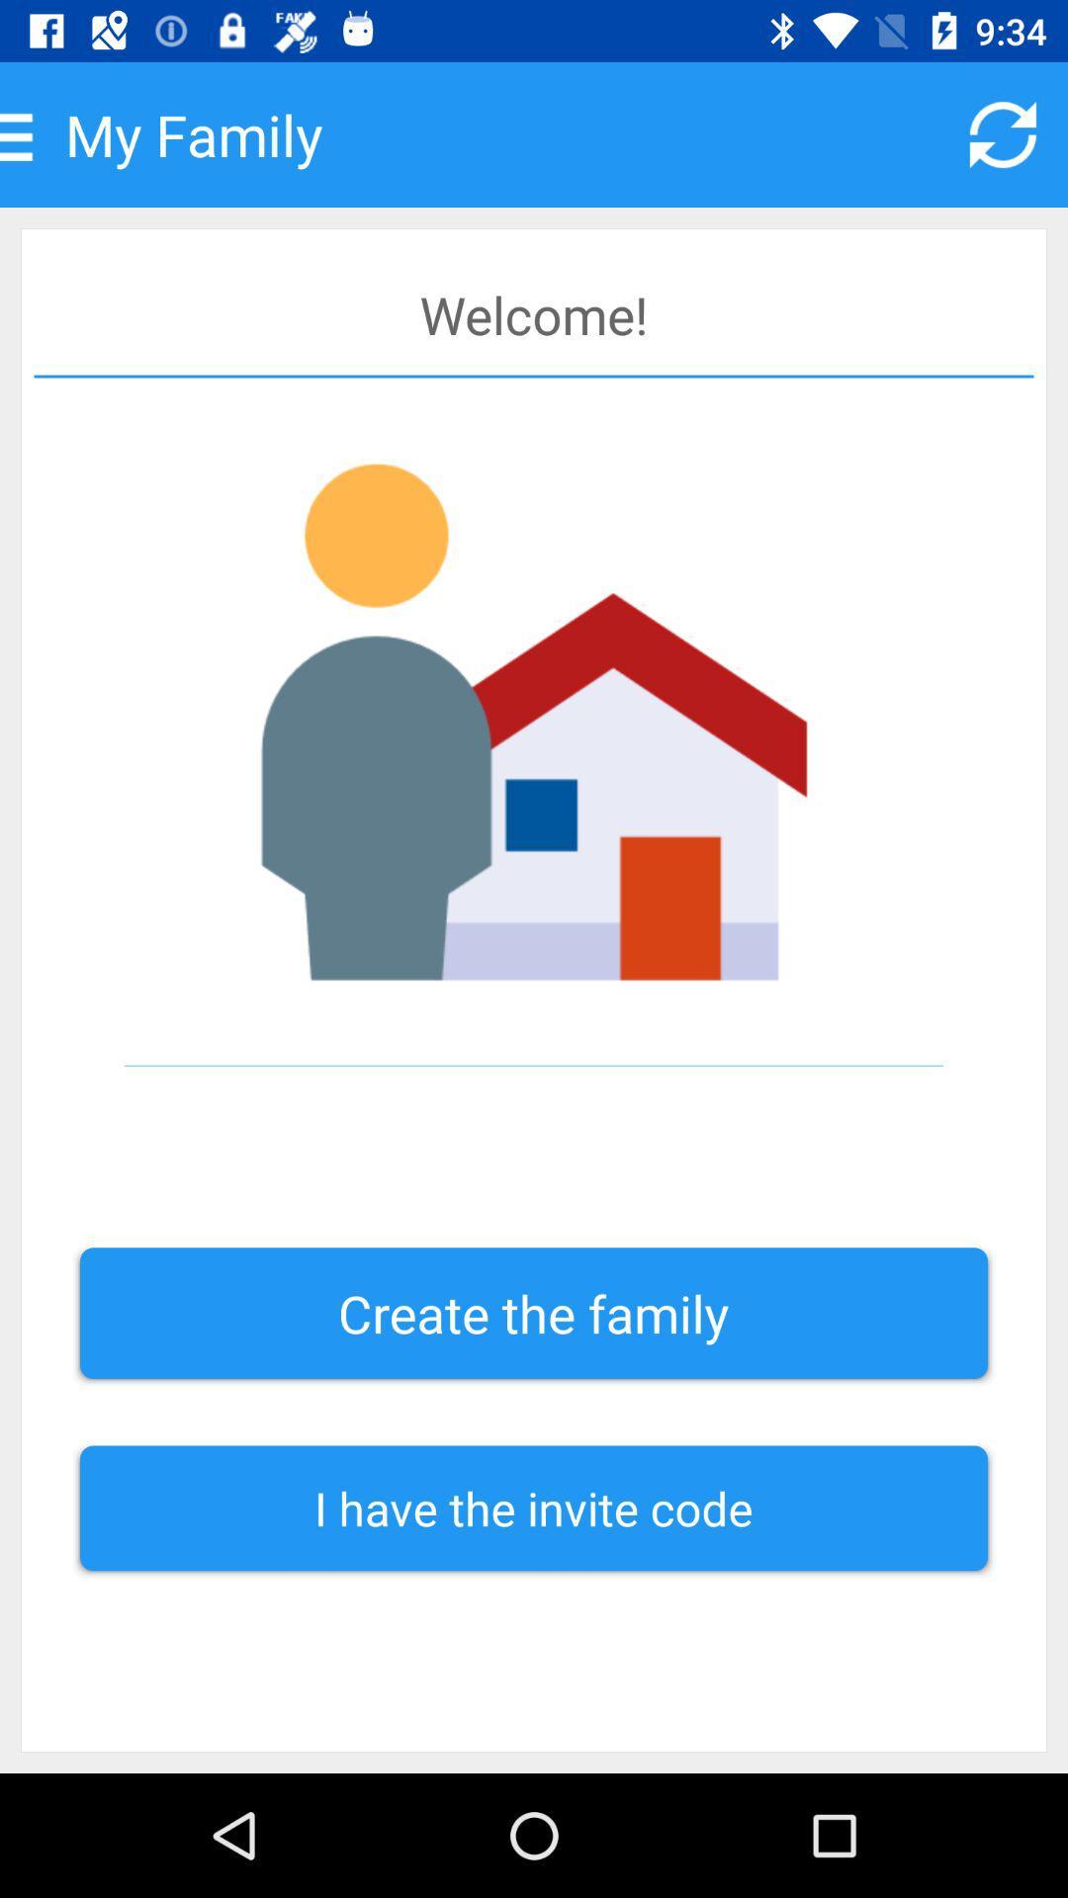 The image size is (1068, 1898). I want to click on refresh option, so click(1003, 133).